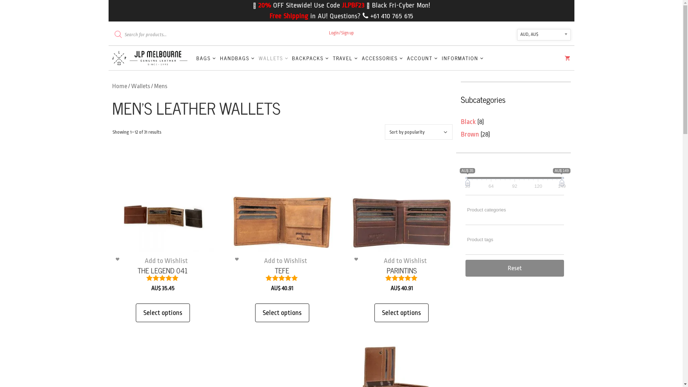 The height and width of the screenshot is (387, 688). Describe the element at coordinates (237, 58) in the screenshot. I see `'HANDBAGS'` at that location.